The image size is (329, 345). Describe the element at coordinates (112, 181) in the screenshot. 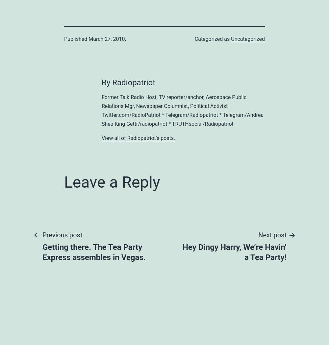

I see `'Leave a Reply'` at that location.